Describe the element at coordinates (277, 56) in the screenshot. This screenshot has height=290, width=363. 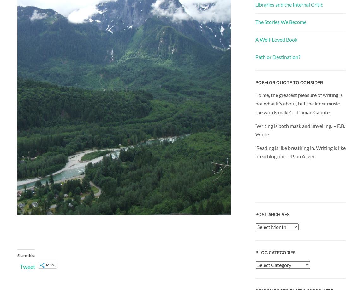
I see `'Path or Destination?'` at that location.